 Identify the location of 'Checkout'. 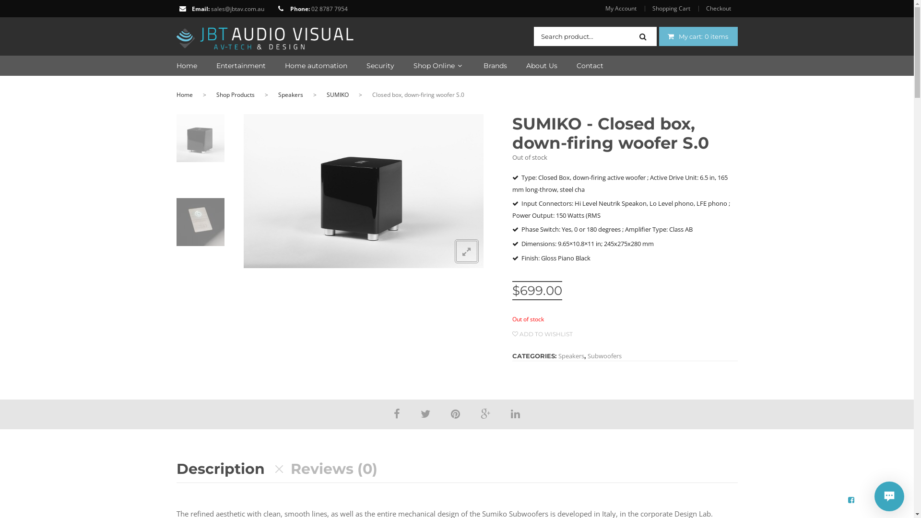
(718, 9).